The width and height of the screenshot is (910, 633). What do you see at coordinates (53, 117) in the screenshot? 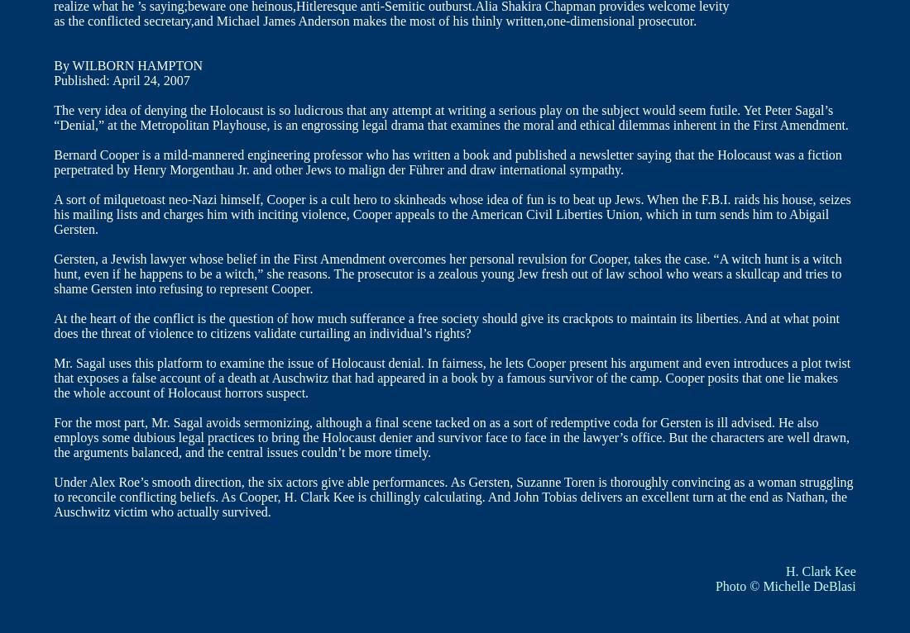
I see `'The very idea of denying the Holocaust is so ludicrous that any attempt
at writing a serious play on the subject would seem futile. Yet Peter
Sagal’s “Denial,” at the Metropolitan Playhouse, is an engrossing legal
drama that examines the moral and ethical dilemmas inherent in the
First Amendment.'` at bounding box center [53, 117].